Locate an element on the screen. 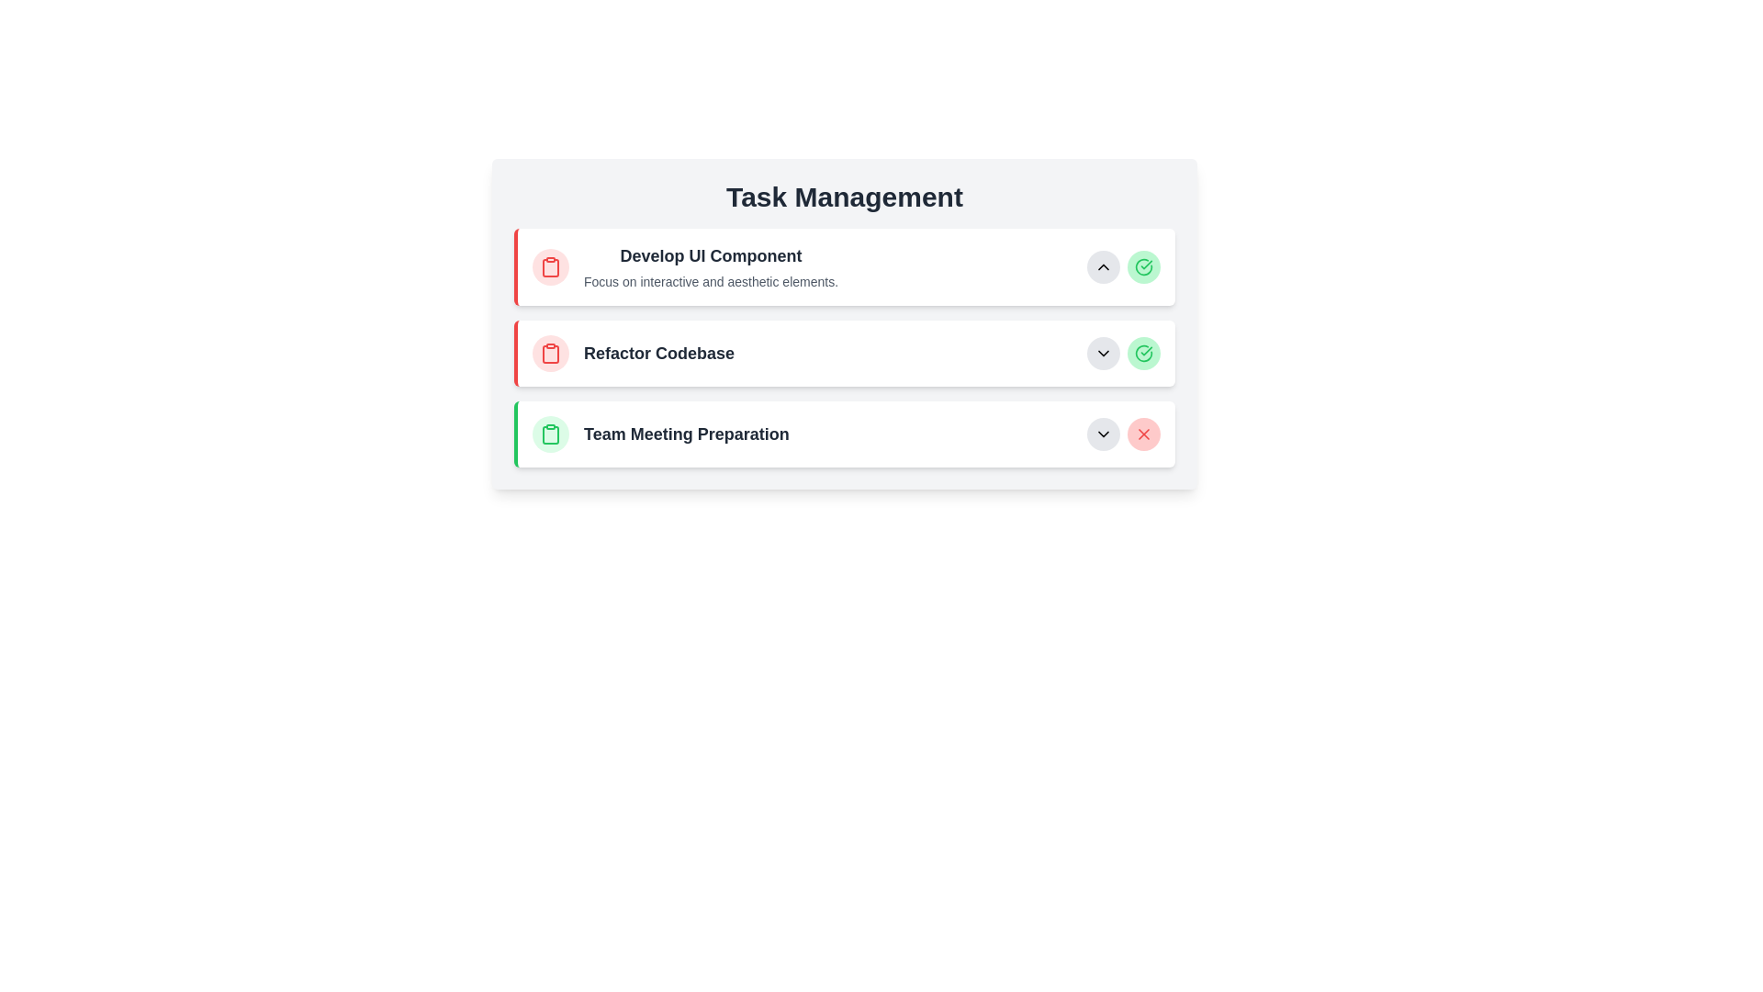 Image resolution: width=1763 pixels, height=992 pixels. the text label that serves as the title of a task, located in the third row of the vertical task list, horizontally aligned with a clipboard icon on the left is located at coordinates (685, 434).